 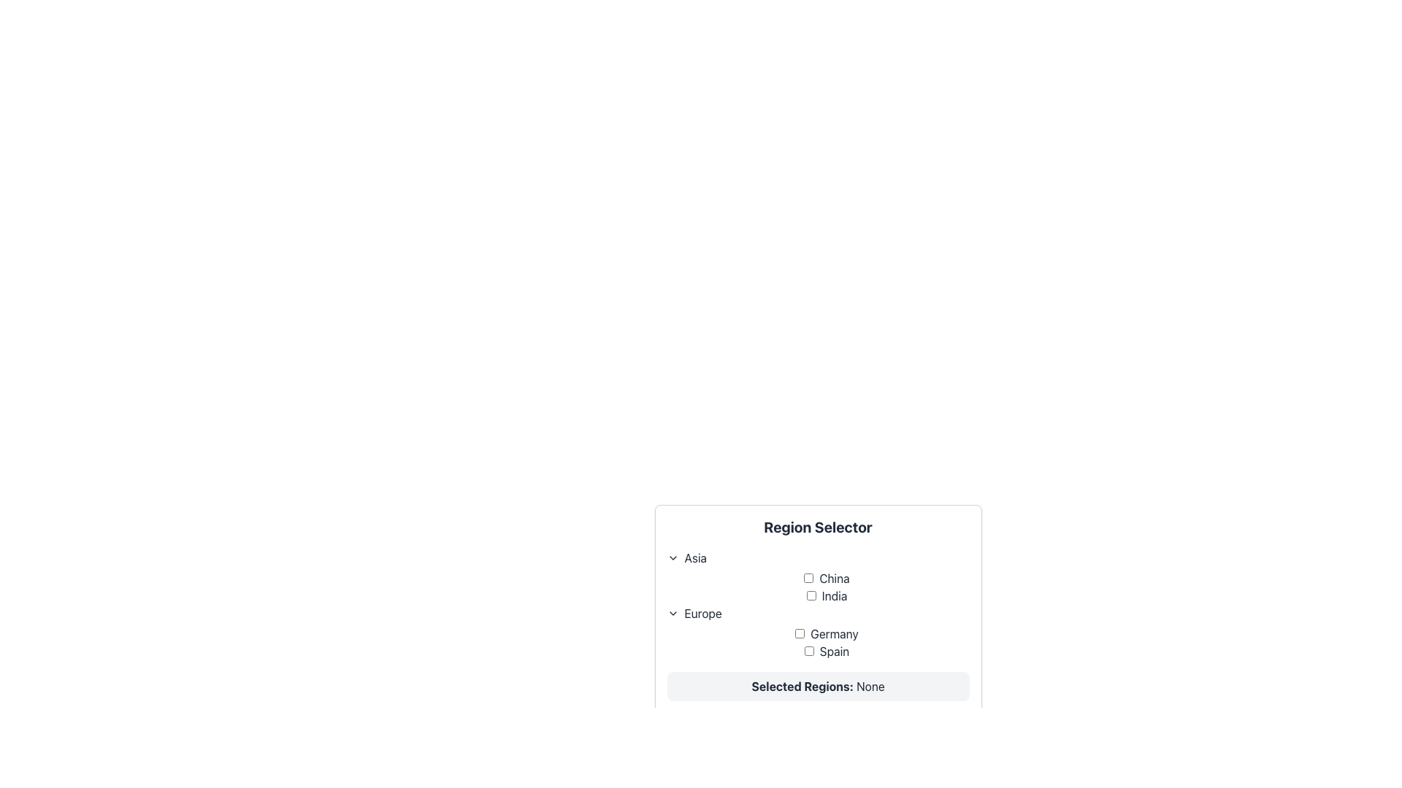 I want to click on the small downward-facing chevron icon located immediately to the left of the 'Europe' label, so click(x=672, y=613).